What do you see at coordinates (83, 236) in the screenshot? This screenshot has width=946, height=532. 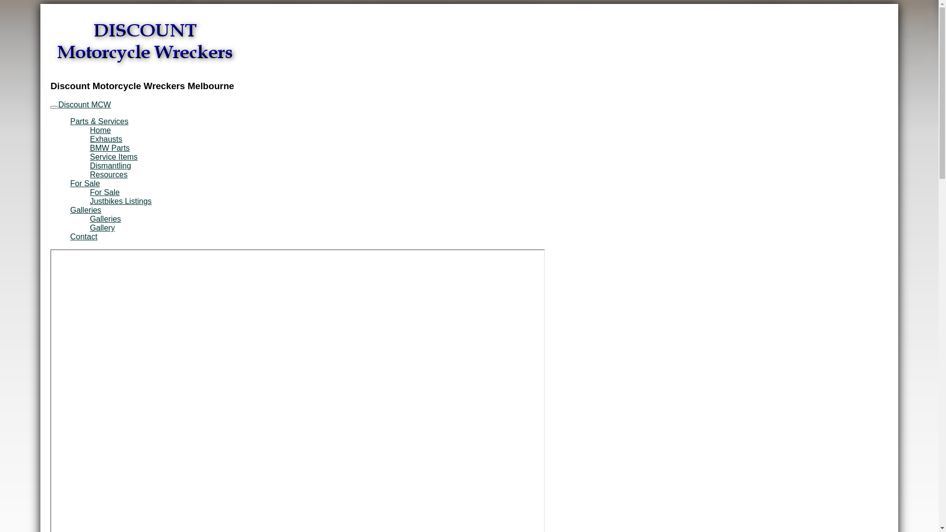 I see `'Contact'` at bounding box center [83, 236].